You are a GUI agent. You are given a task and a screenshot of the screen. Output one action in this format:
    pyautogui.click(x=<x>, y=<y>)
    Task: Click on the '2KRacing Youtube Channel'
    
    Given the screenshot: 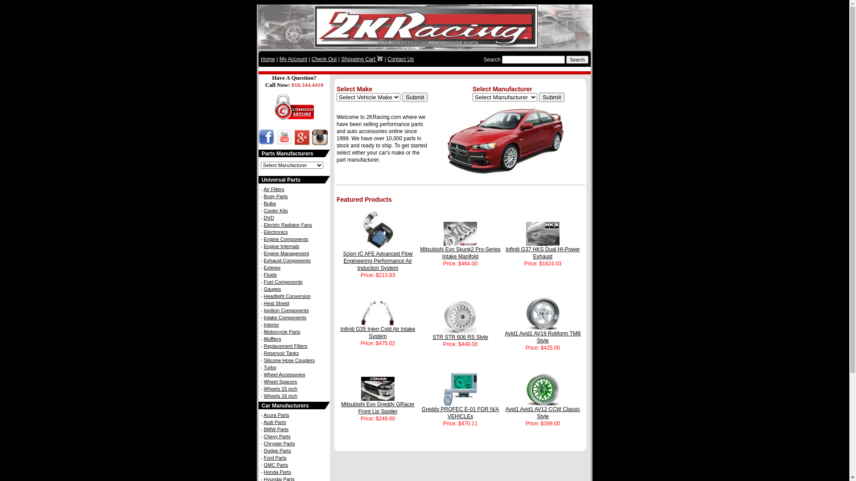 What is the action you would take?
    pyautogui.click(x=282, y=142)
    